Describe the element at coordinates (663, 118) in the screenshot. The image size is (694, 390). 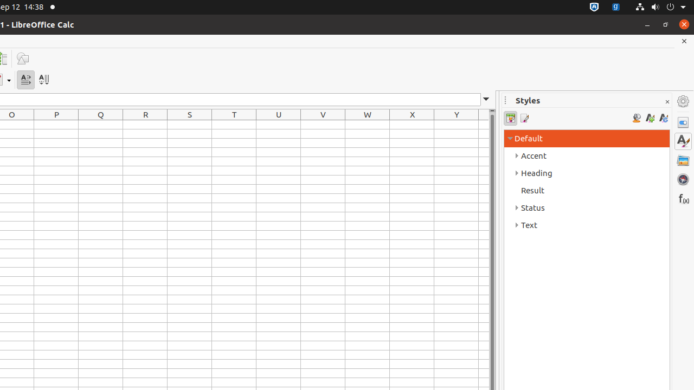
I see `'Update Style'` at that location.